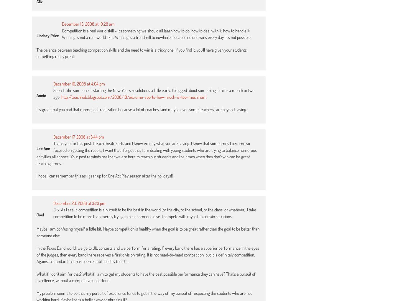 This screenshot has height=301, width=398. What do you see at coordinates (79, 83) in the screenshot?
I see `'December 16, 2008 at 4:04 pm'` at bounding box center [79, 83].